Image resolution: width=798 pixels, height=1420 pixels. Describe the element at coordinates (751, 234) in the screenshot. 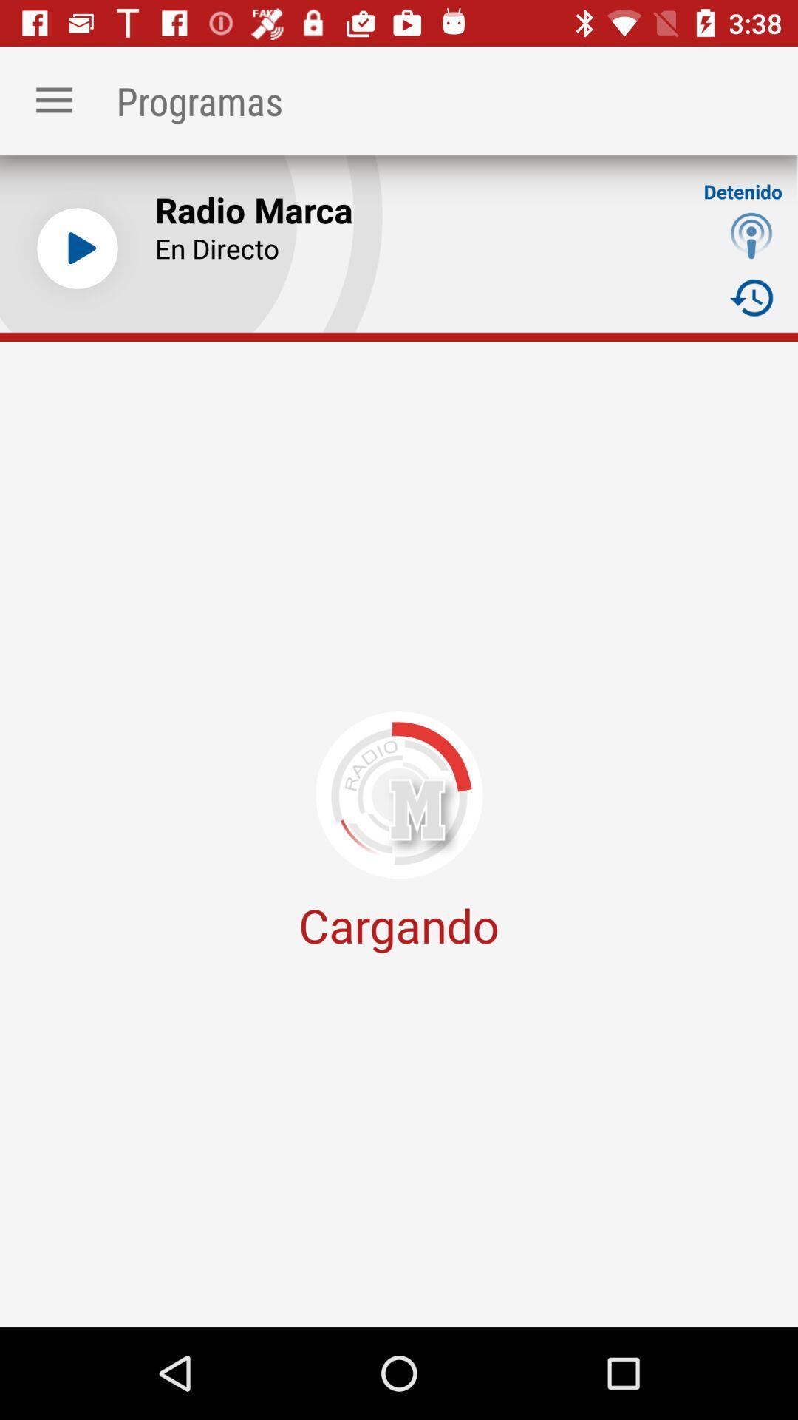

I see `the item next to en directo` at that location.